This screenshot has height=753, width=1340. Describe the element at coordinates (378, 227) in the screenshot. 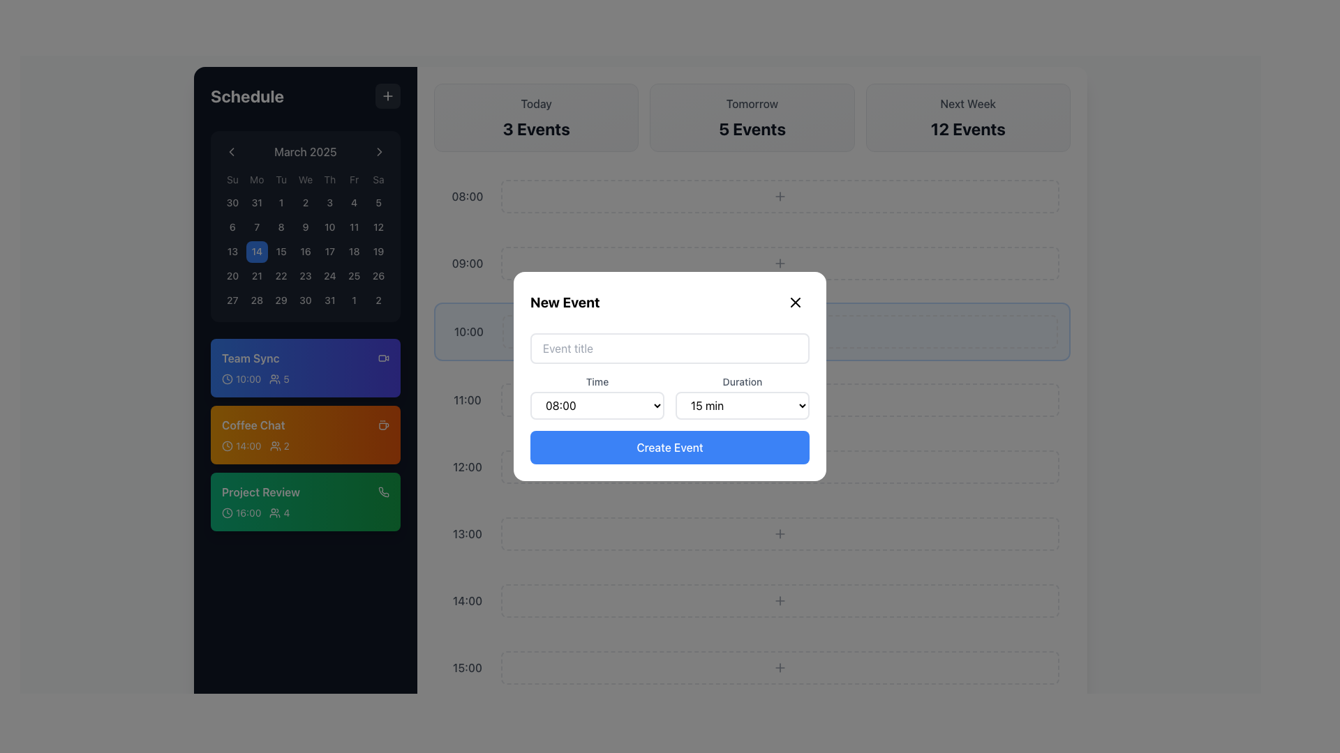

I see `the button representing the 12th day of March 2025 on the calendar` at that location.